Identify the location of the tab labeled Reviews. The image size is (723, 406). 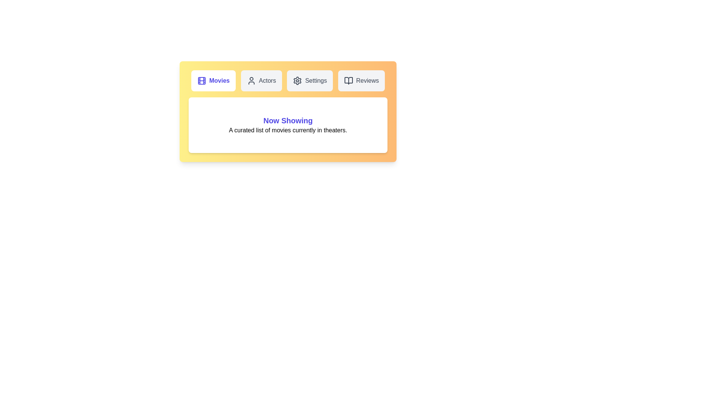
(361, 81).